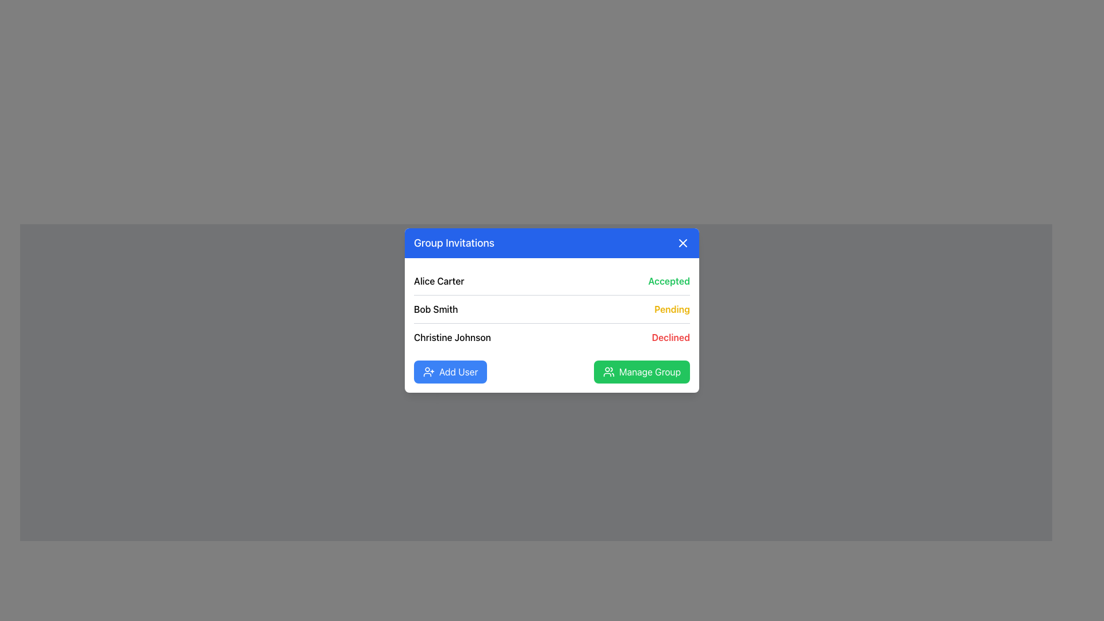  What do you see at coordinates (608, 372) in the screenshot?
I see `the Icon associated with the 'Manage Group' button, located at the bottom-right of the modal dialog box, positioned to the left of the text` at bounding box center [608, 372].